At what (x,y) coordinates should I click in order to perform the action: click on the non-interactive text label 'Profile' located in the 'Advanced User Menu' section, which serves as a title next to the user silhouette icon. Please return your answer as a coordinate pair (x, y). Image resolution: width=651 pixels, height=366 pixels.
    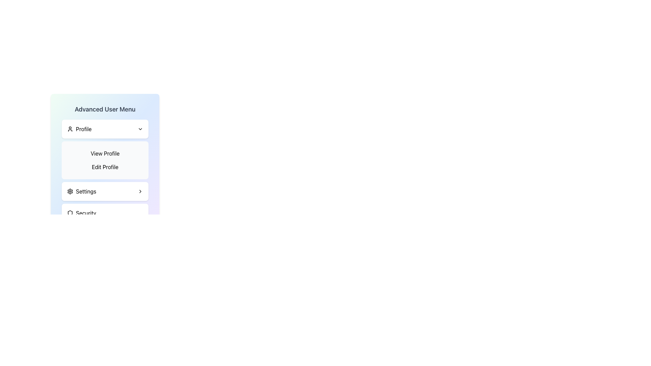
    Looking at the image, I should click on (83, 129).